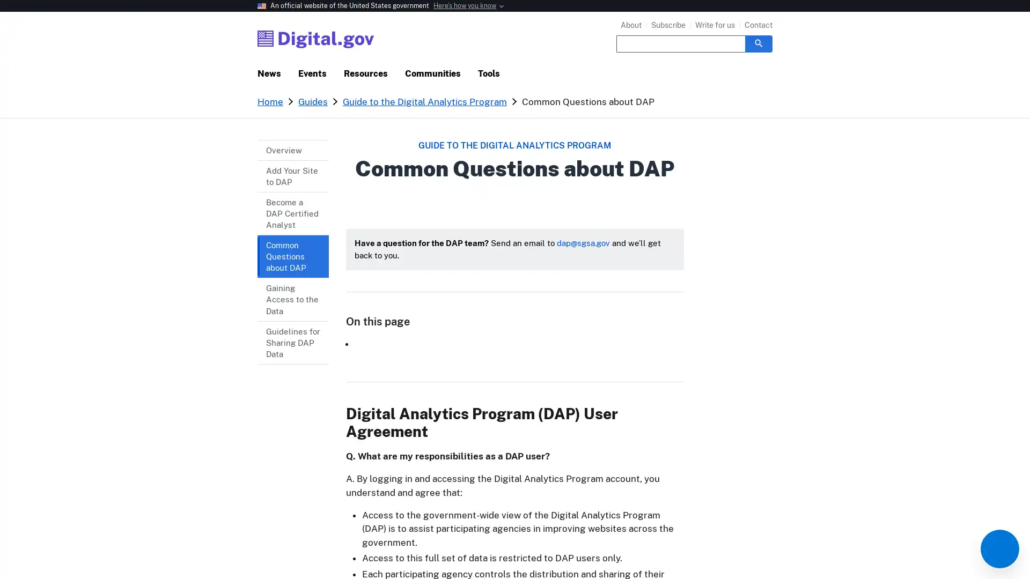 The height and width of the screenshot is (579, 1030). Describe the element at coordinates (999, 548) in the screenshot. I see `edit` at that location.